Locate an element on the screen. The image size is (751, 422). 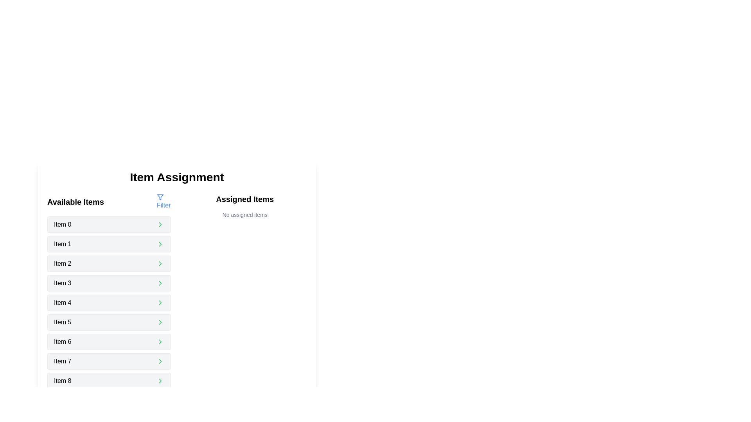
the right-facing chevron icon with a green stroke located within the 'Item 6' entry of the 'Available Items' section is located at coordinates (160, 342).